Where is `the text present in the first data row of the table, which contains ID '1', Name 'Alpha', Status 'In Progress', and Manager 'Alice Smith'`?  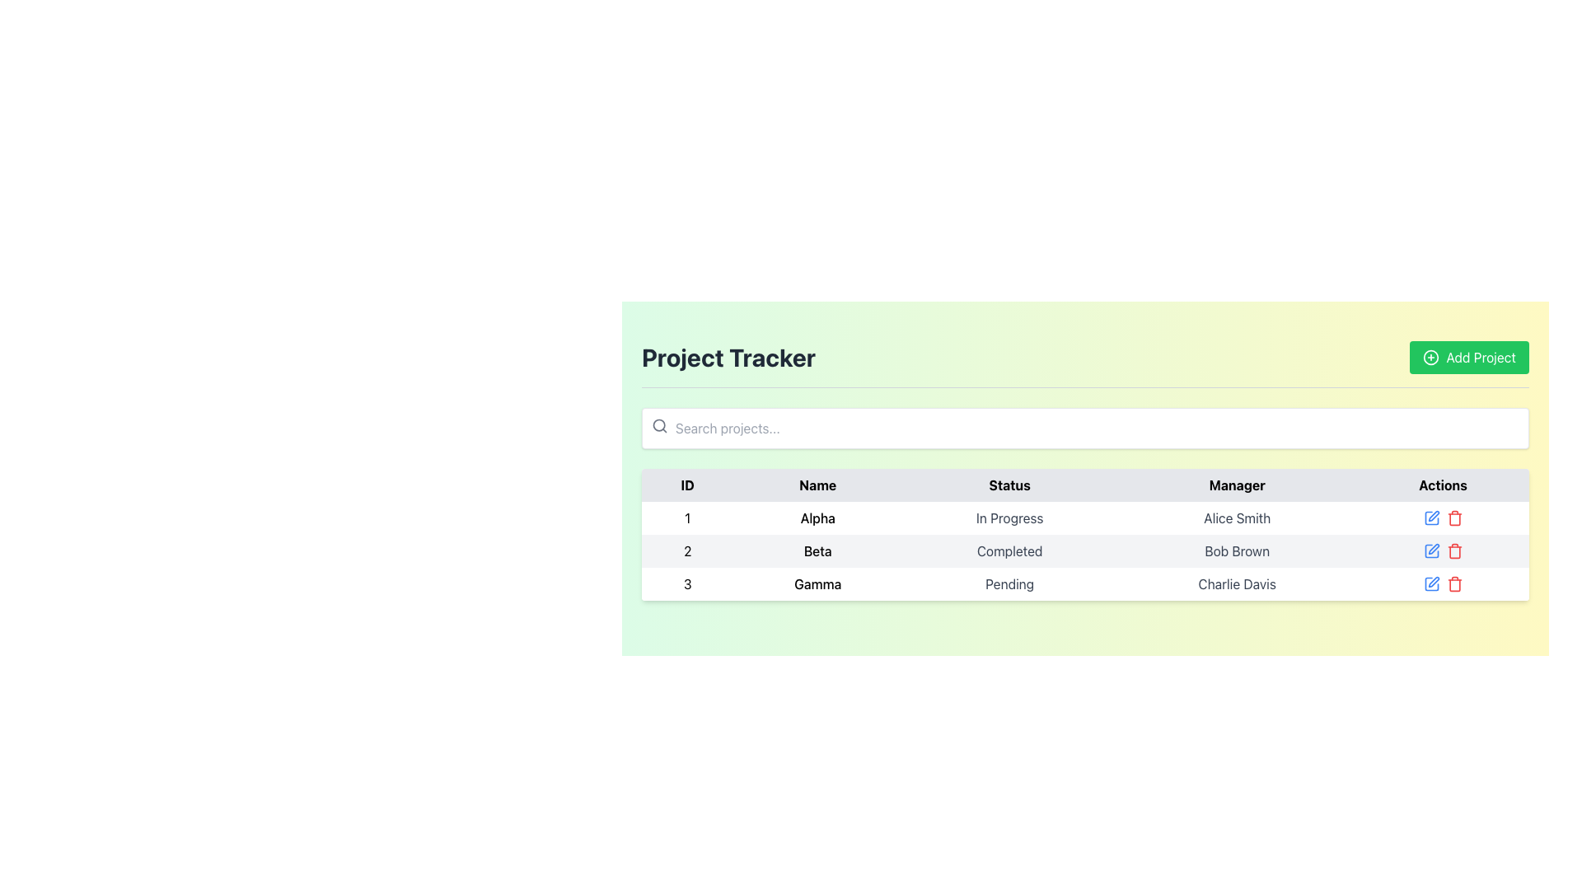
the text present in the first data row of the table, which contains ID '1', Name 'Alpha', Status 'In Progress', and Manager 'Alice Smith' is located at coordinates (1085, 517).